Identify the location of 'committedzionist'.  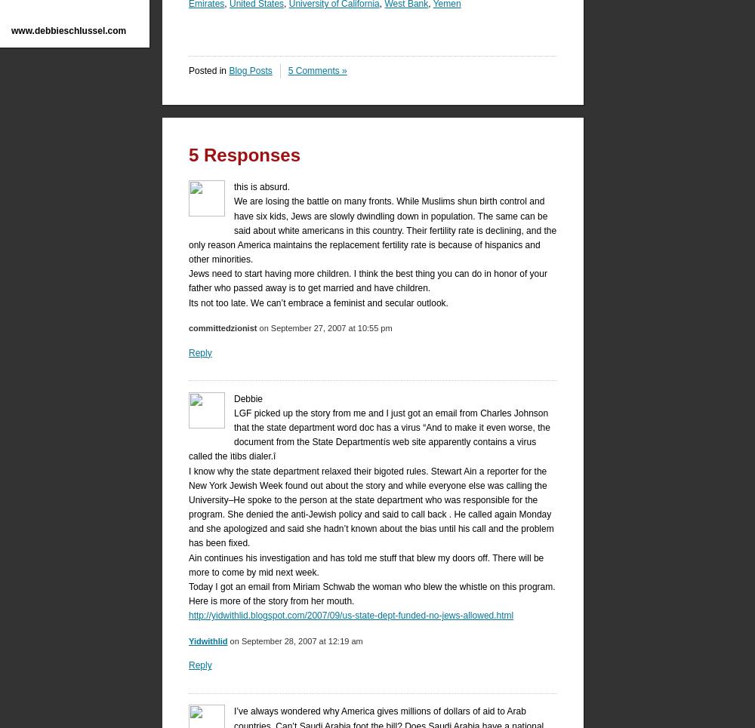
(223, 328).